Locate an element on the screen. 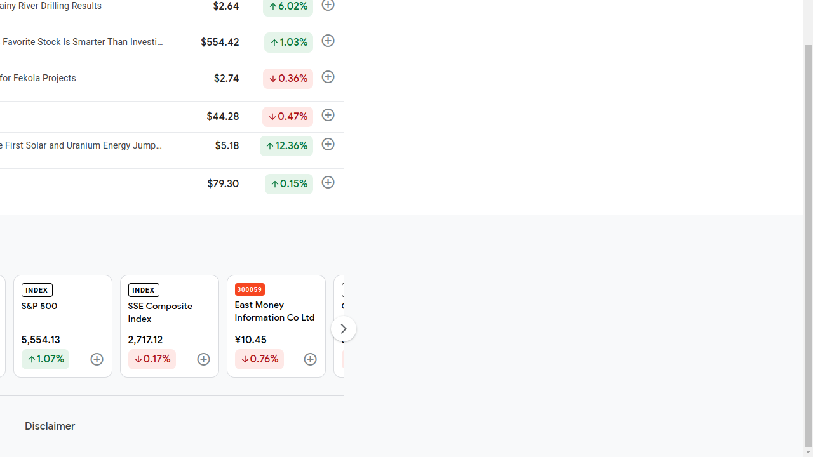 This screenshot has width=813, height=457. '300059 East Money Information Co Ltd ¥10.45 Down by 0.76%' is located at coordinates (275, 326).